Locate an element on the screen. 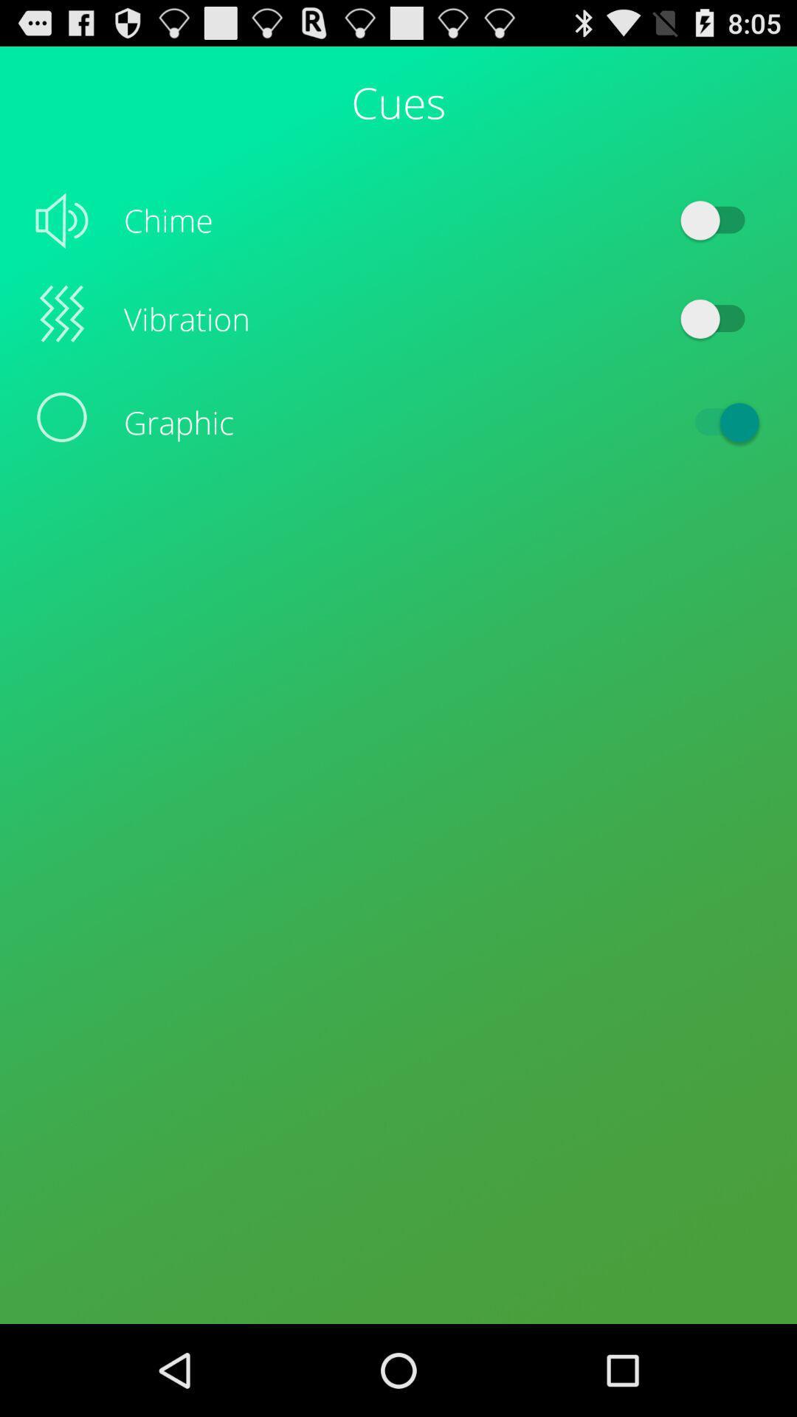 The width and height of the screenshot is (797, 1417). the icon next to the chime item is located at coordinates (719, 219).